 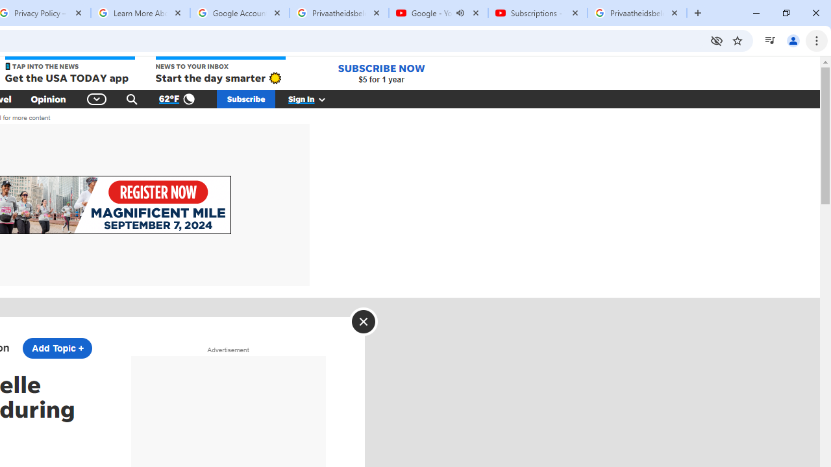 I want to click on 'Subscriptions - YouTube', so click(x=538, y=13).